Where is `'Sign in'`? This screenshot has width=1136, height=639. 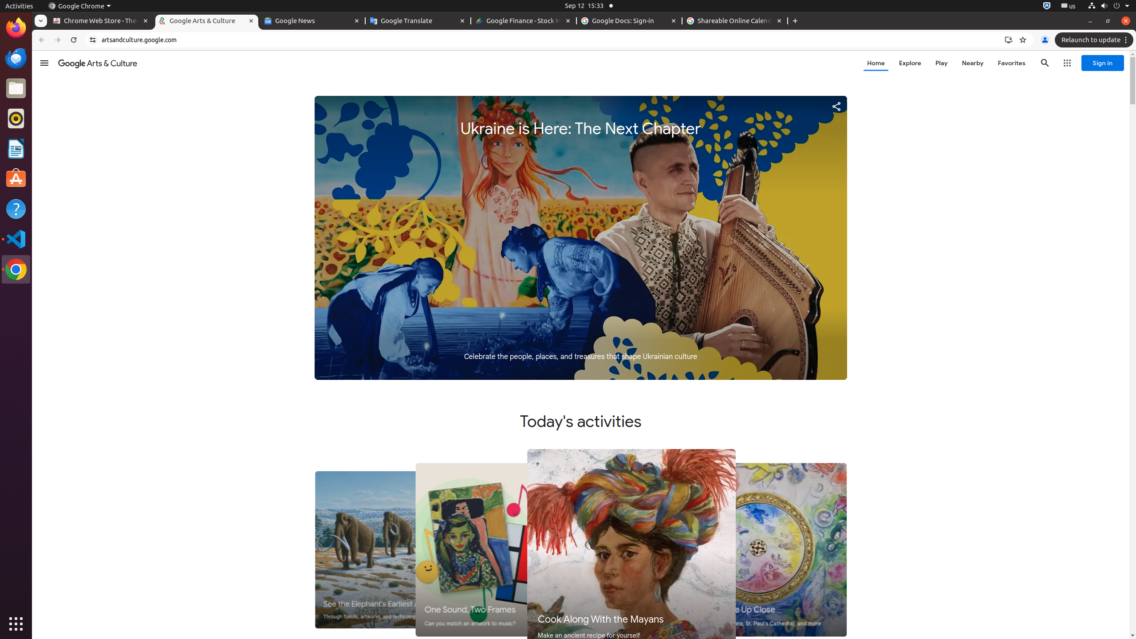
'Sign in' is located at coordinates (1102, 63).